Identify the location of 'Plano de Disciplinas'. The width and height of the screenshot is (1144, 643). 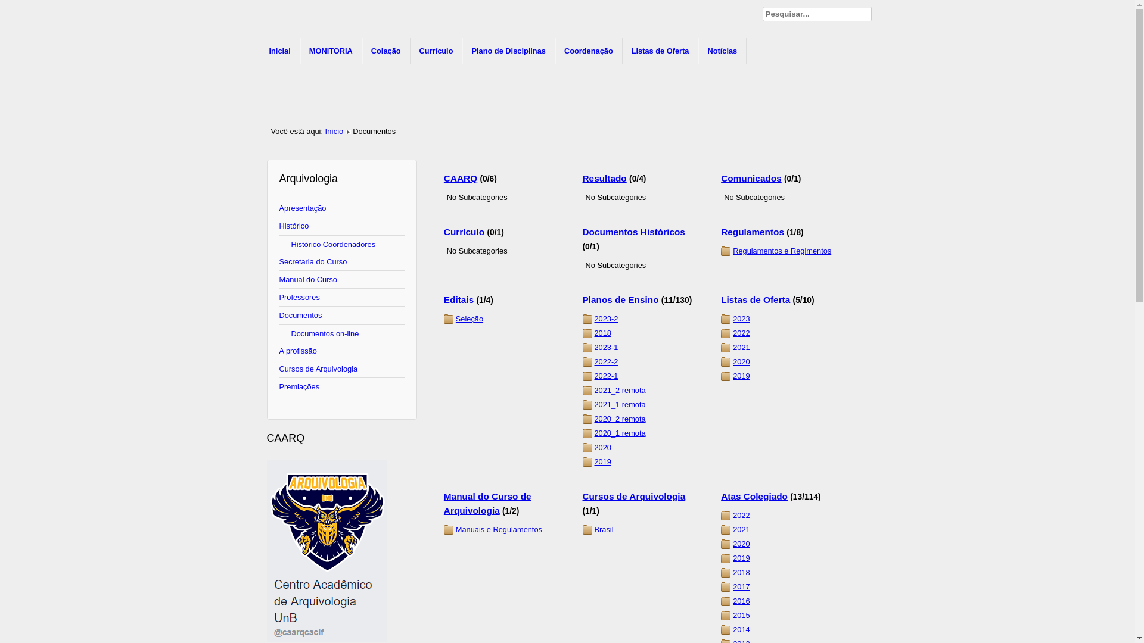
(508, 50).